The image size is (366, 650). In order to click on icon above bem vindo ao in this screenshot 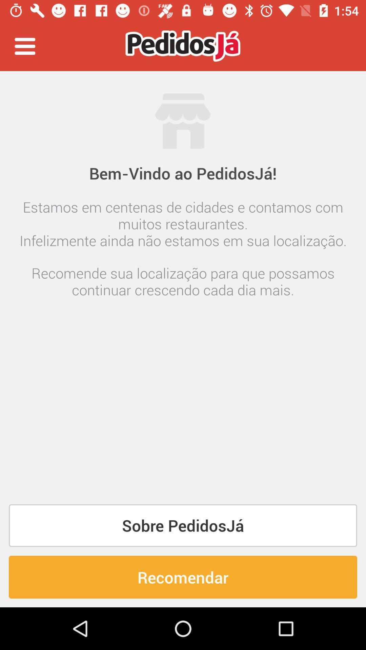, I will do `click(183, 89)`.